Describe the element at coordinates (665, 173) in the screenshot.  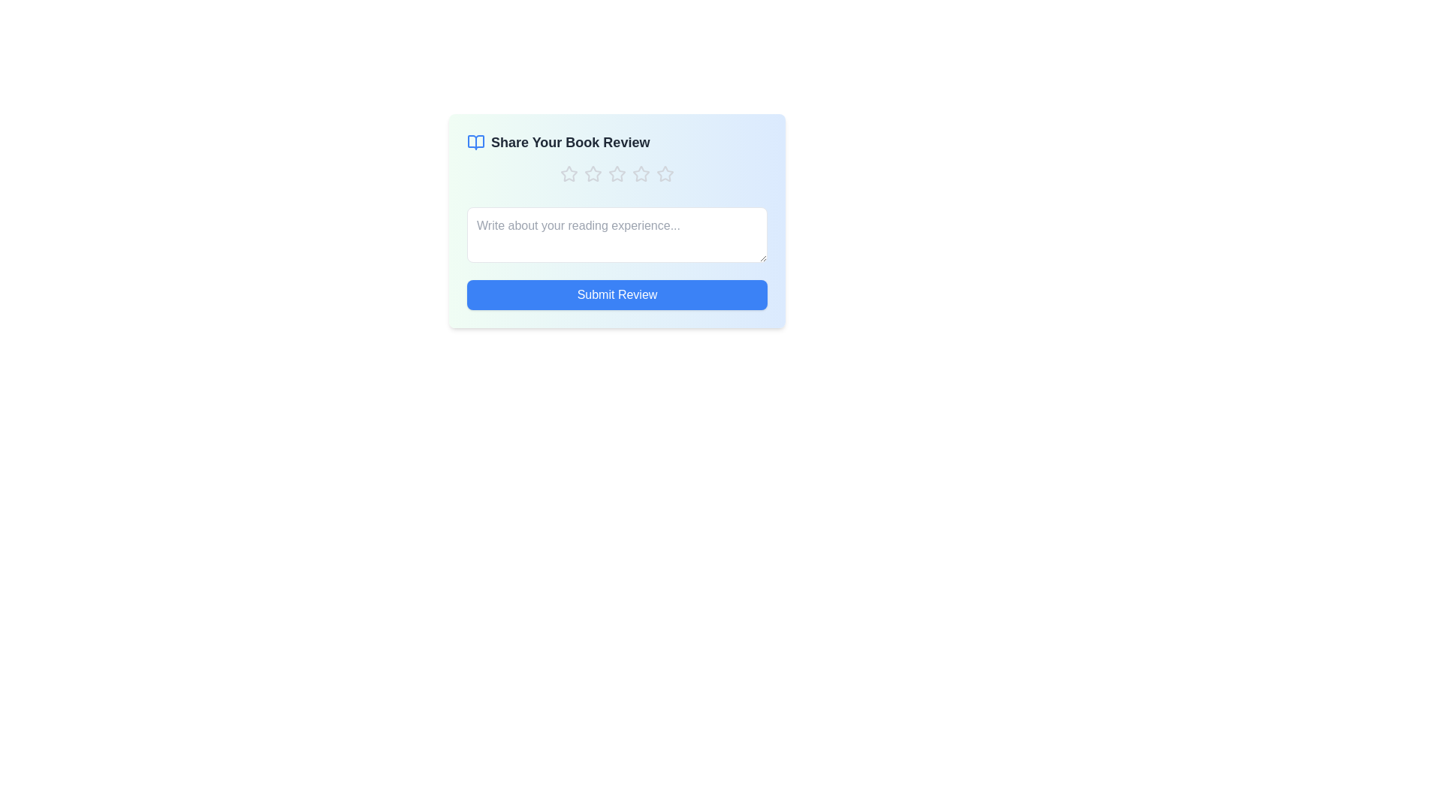
I see `the book rating to 5 stars by clicking on the corresponding star` at that location.